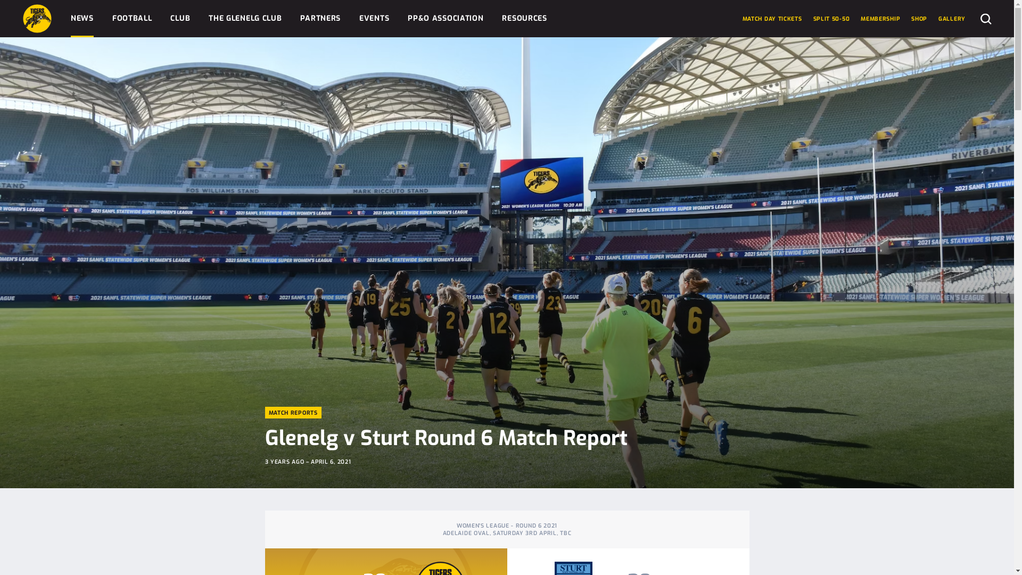  What do you see at coordinates (524, 18) in the screenshot?
I see `'RESOURCES'` at bounding box center [524, 18].